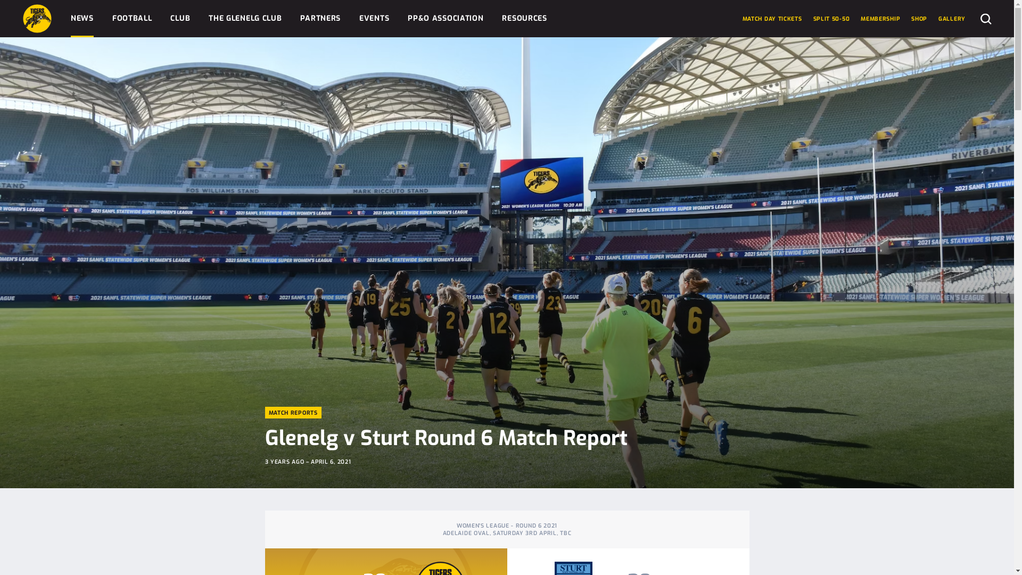  What do you see at coordinates (524, 18) in the screenshot?
I see `'RESOURCES'` at bounding box center [524, 18].